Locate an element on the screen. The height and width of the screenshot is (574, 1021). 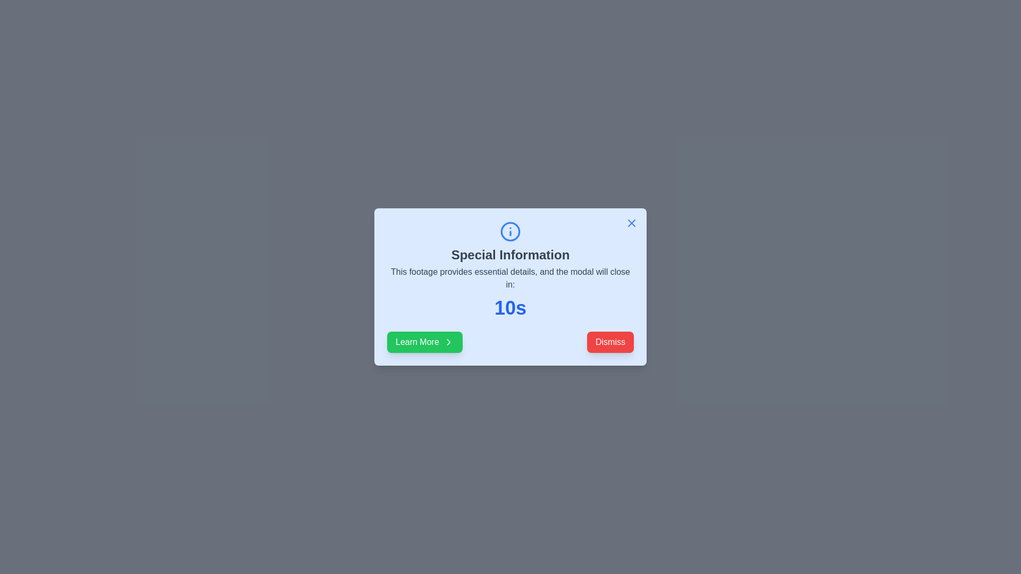
text block that displays the message 'This footage provides essential details, and the modal will close in:' which is centered within a pale blue modal dialog below the title 'Special Information' is located at coordinates (510, 278).